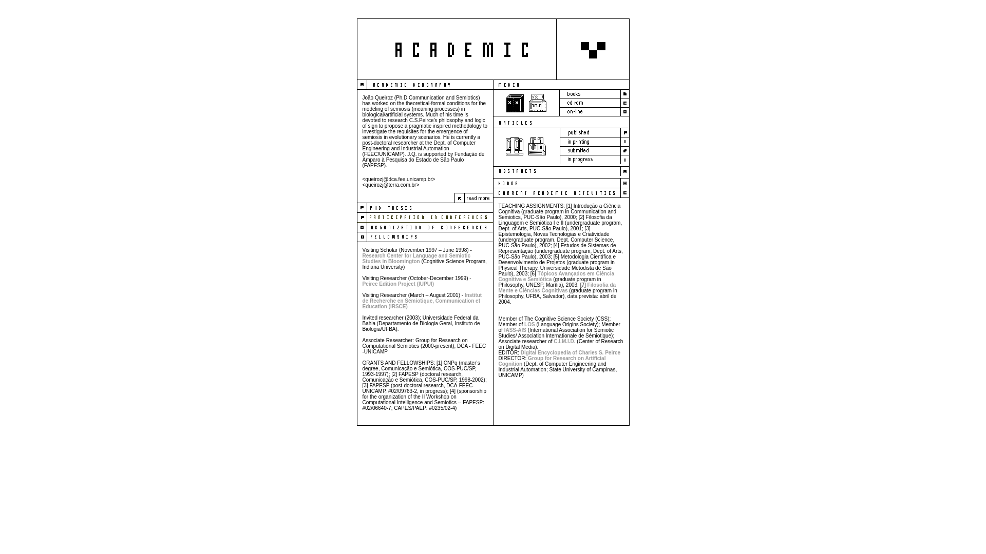 The width and height of the screenshot is (986, 554). What do you see at coordinates (569, 352) in the screenshot?
I see `'Digital Encyclopedia of Charles S. Peirce'` at bounding box center [569, 352].